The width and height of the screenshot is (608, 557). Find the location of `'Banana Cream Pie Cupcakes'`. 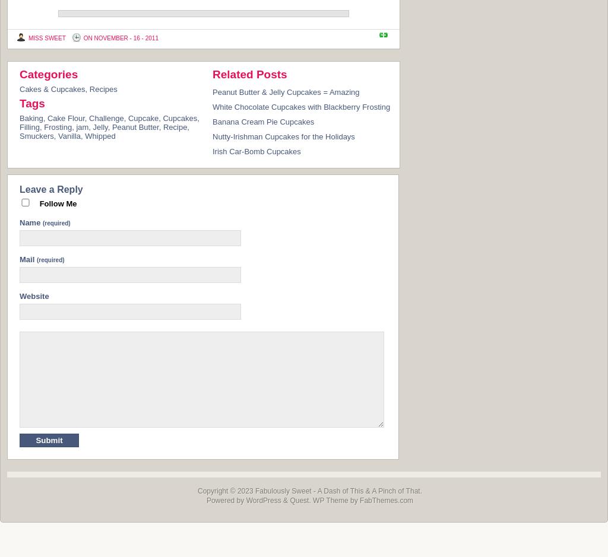

'Banana Cream Pie Cupcakes' is located at coordinates (263, 120).